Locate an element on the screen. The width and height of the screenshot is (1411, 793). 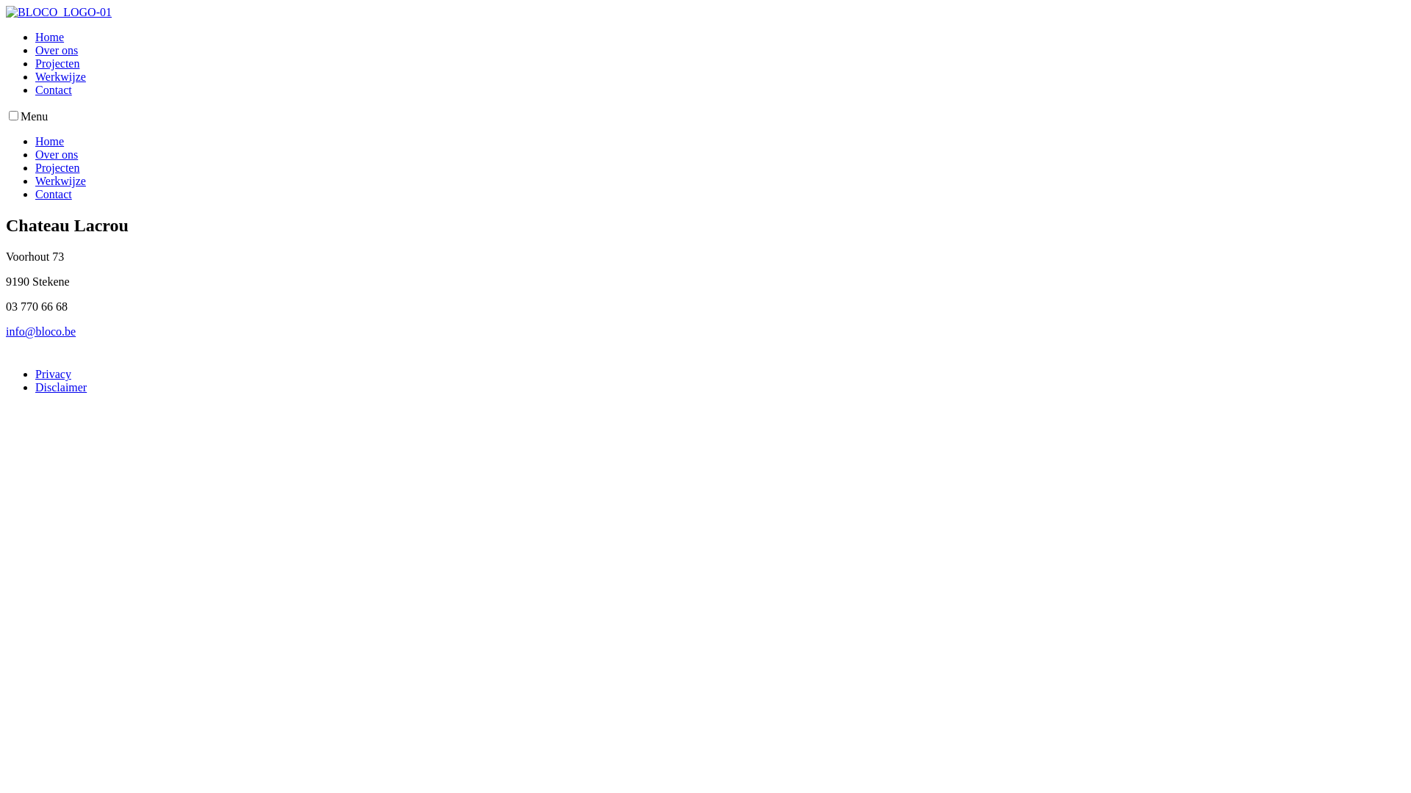
'Projecten' is located at coordinates (57, 62).